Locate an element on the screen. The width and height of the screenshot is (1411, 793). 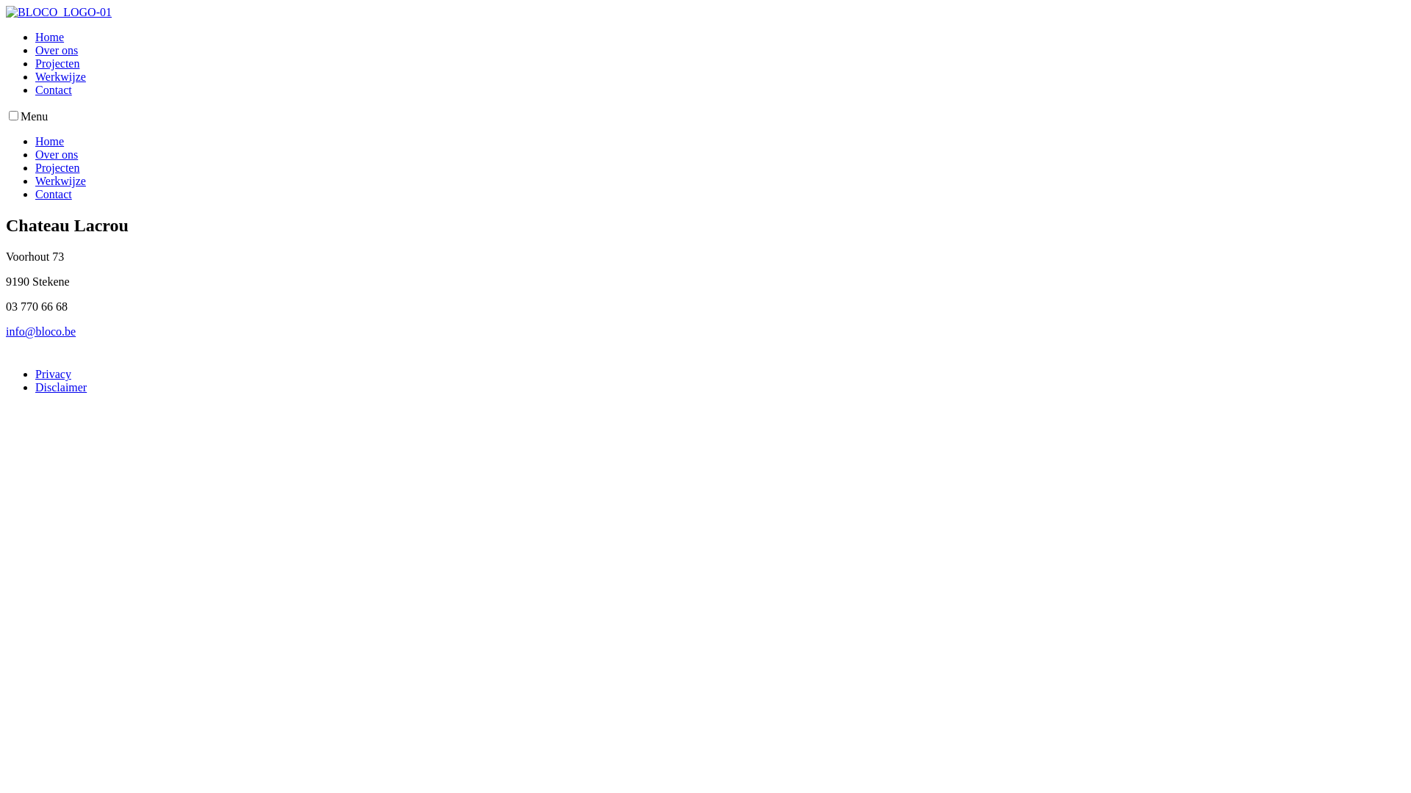
'Projecten' is located at coordinates (57, 62).